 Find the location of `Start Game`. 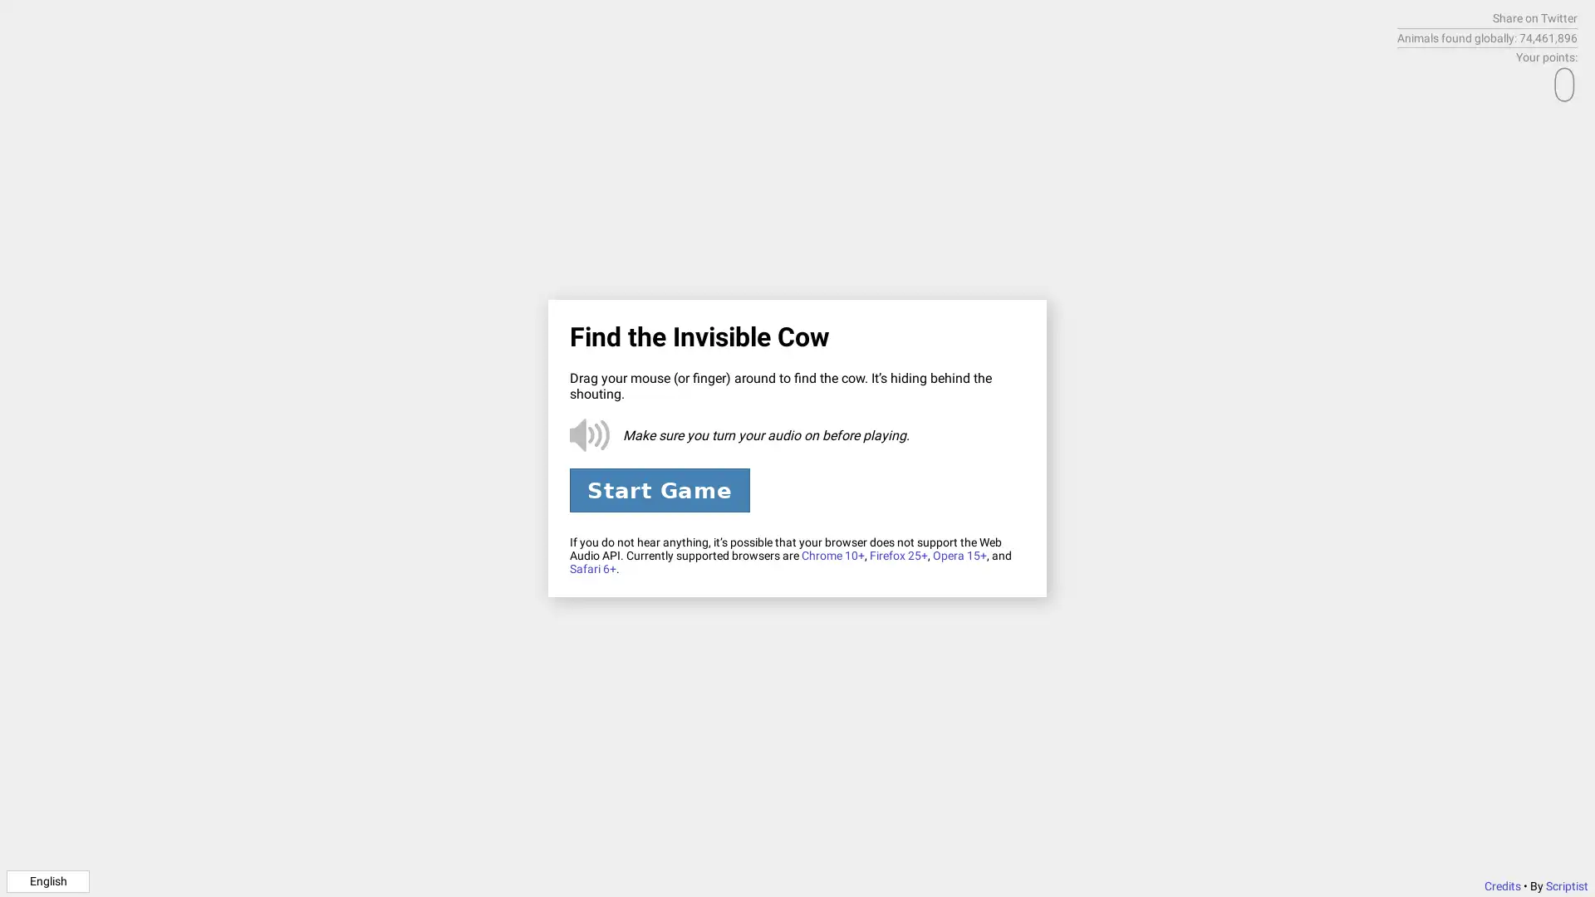

Start Game is located at coordinates (658, 489).